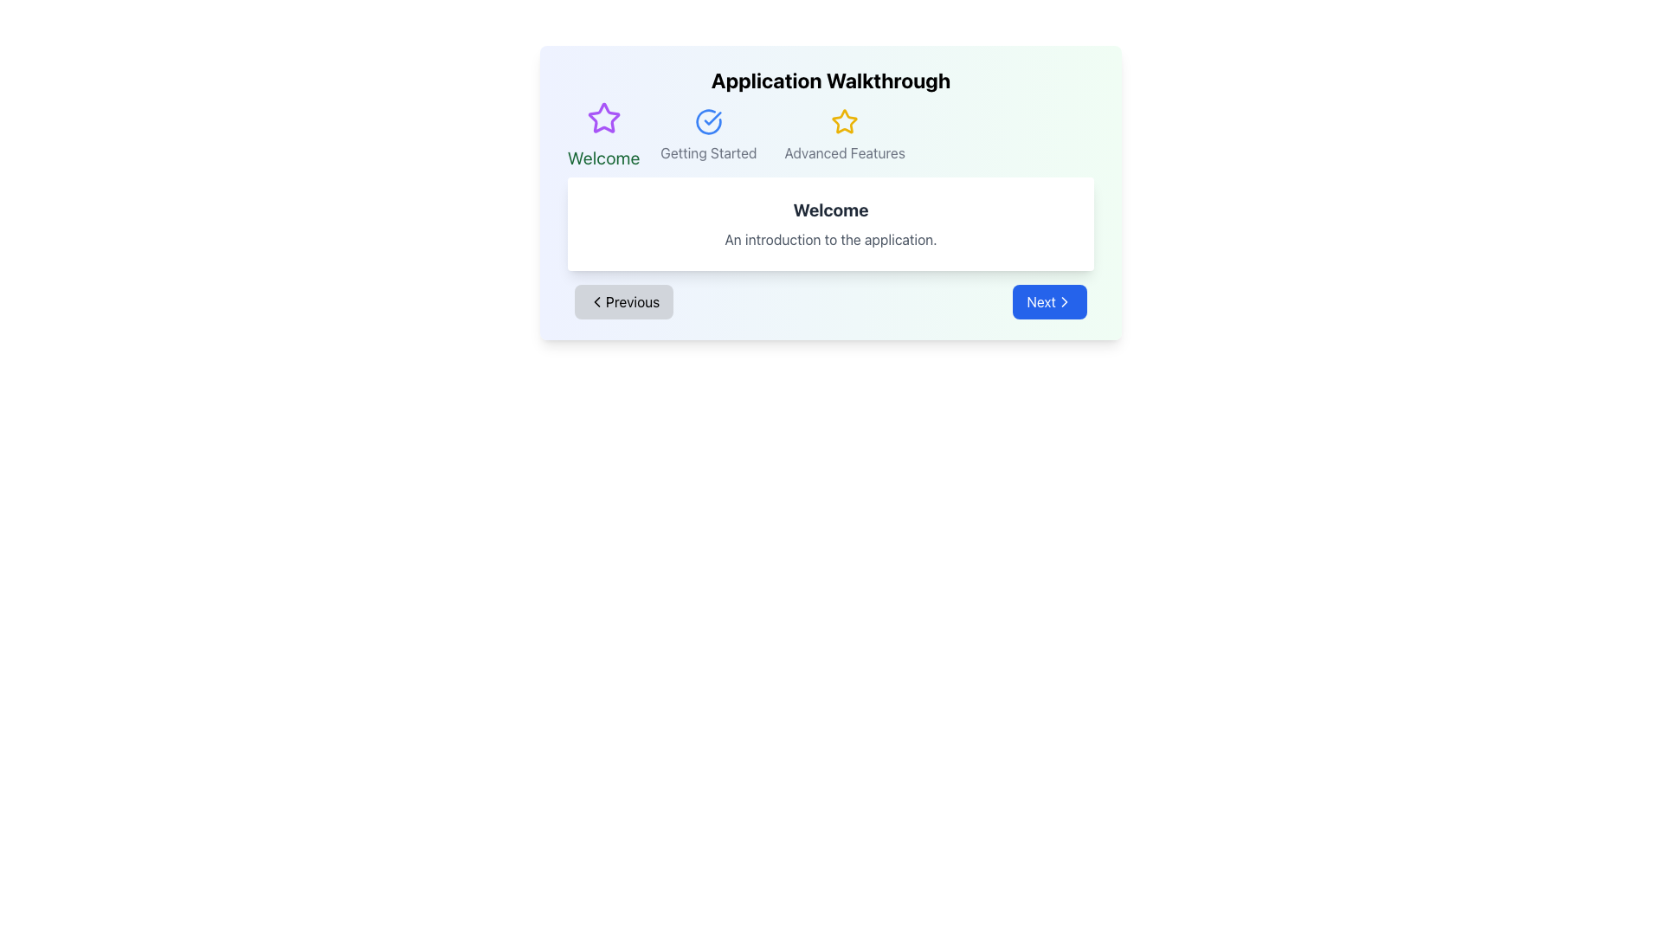 The width and height of the screenshot is (1662, 935). What do you see at coordinates (603, 118) in the screenshot?
I see `the purple star-shaped icon located at the top left of the 'Welcome' section, directly above the green-highlighted text 'Welcome'` at bounding box center [603, 118].